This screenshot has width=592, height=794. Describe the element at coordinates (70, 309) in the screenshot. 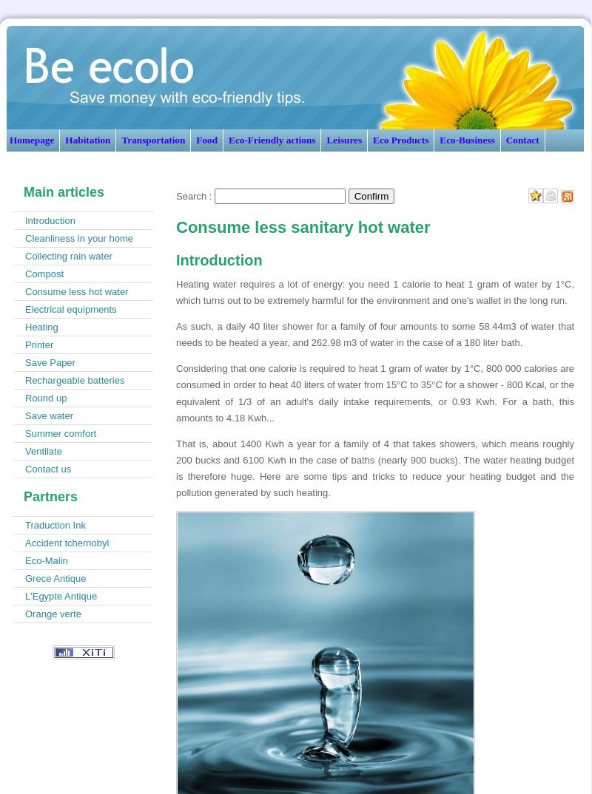

I see `'Electrical equipments'` at that location.